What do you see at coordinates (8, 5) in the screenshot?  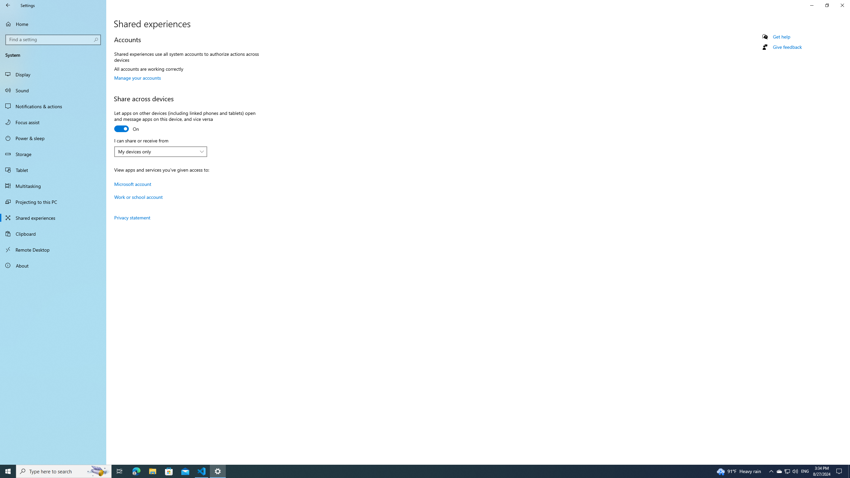 I see `'Back'` at bounding box center [8, 5].